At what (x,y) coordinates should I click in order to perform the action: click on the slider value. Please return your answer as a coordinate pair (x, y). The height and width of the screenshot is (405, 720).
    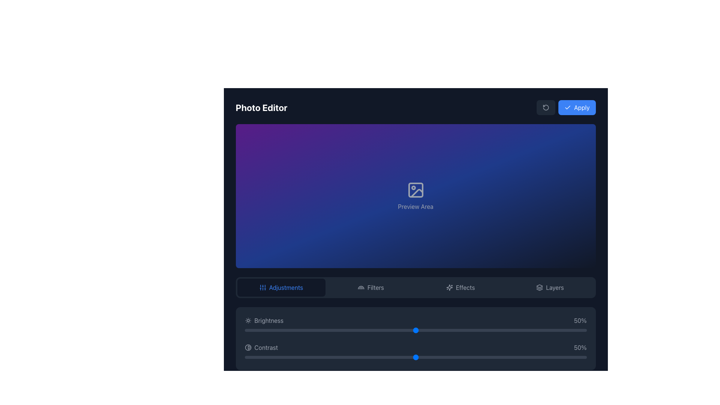
    Looking at the image, I should click on (572, 330).